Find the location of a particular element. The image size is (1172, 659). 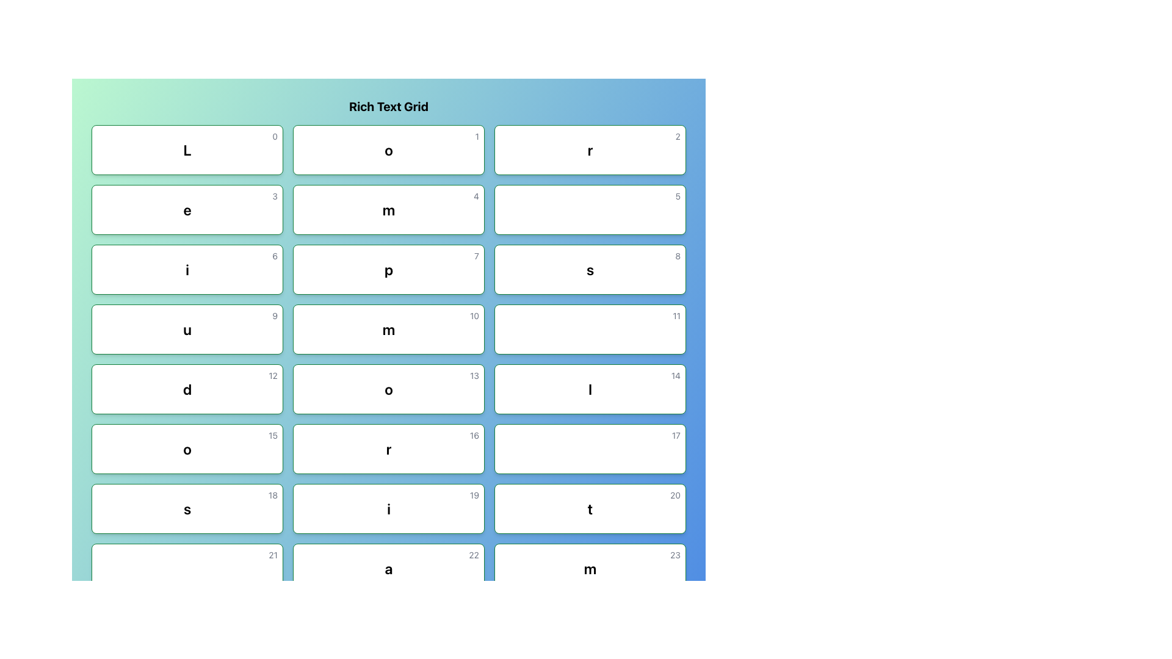

the Display Card featuring a prominent black letter 'p' in the center, located in the fourth row and second column of the grid layout is located at coordinates (388, 269).